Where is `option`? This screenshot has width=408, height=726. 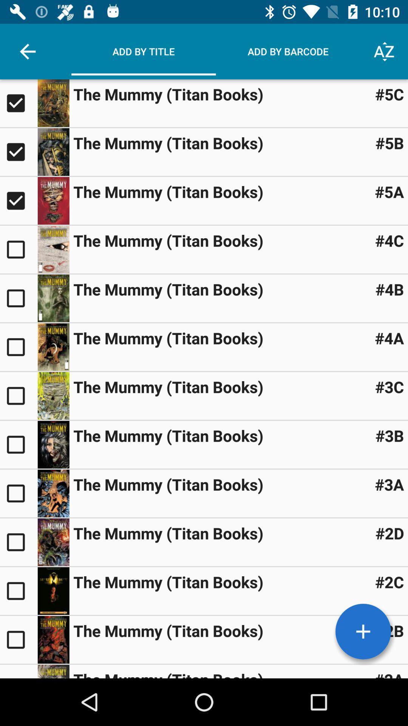 option is located at coordinates (18, 591).